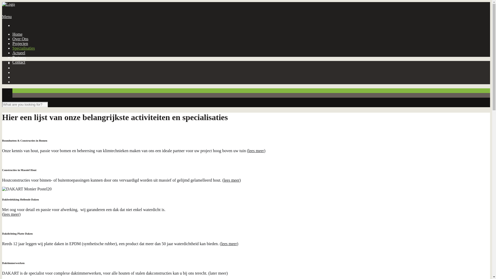  What do you see at coordinates (20, 43) in the screenshot?
I see `'Projecten'` at bounding box center [20, 43].